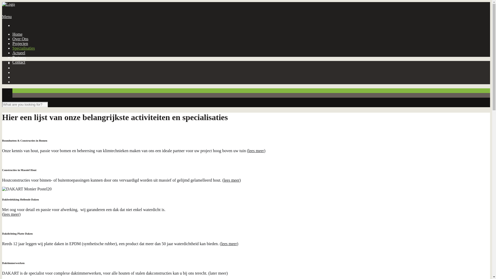  What do you see at coordinates (20, 43) in the screenshot?
I see `'Projecten'` at bounding box center [20, 43].